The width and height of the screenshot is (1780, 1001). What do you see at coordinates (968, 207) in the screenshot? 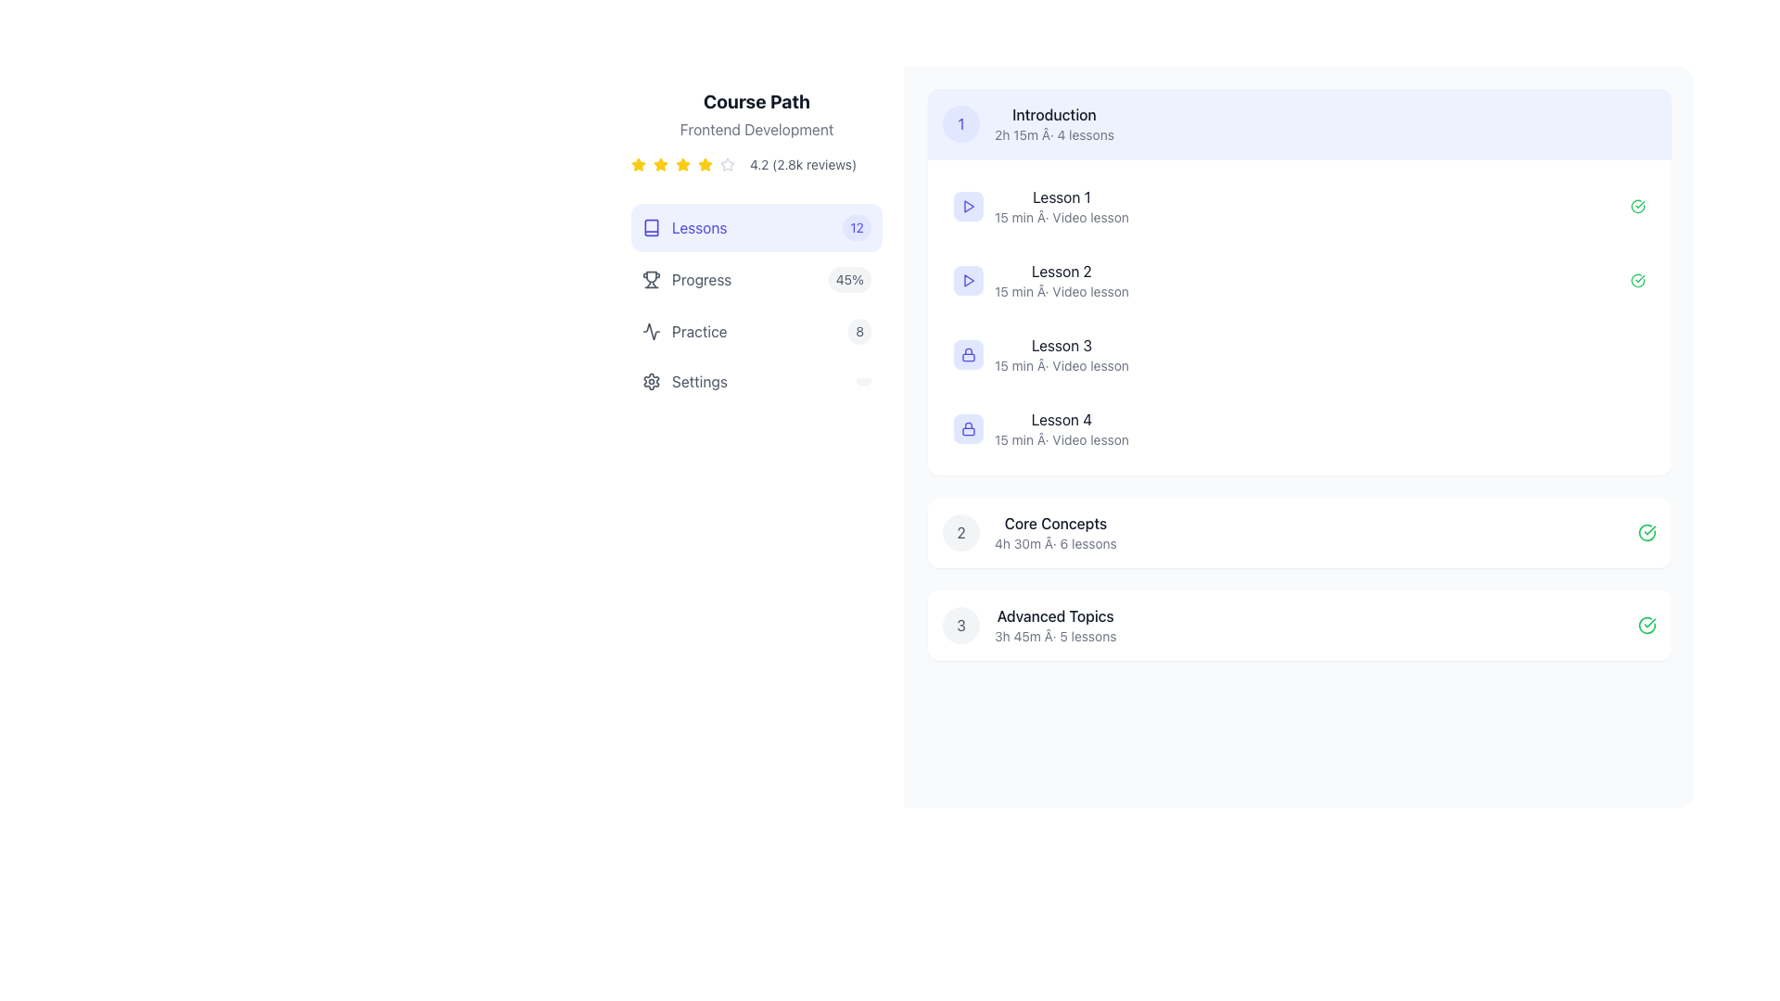
I see `the play button located to the left of the text 'Lesson 1' in the UI card for 'Lesson 1 15 min · Video lesson'` at bounding box center [968, 207].